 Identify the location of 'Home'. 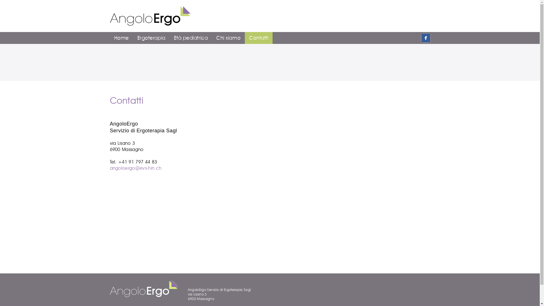
(121, 38).